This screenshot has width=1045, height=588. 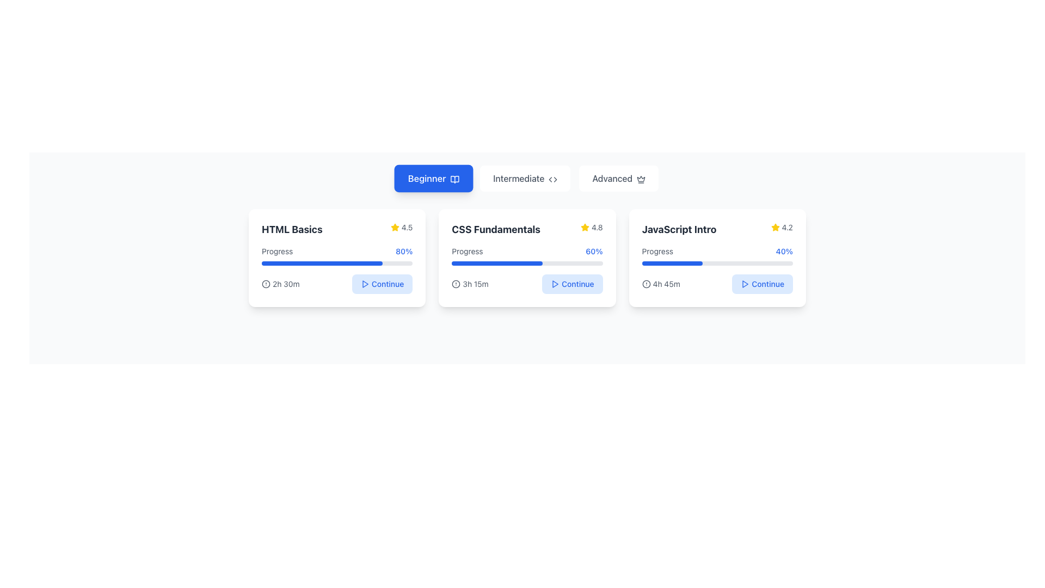 I want to click on the star icon representing the rating for the 'CSS Fundamentals' module, so click(x=585, y=226).